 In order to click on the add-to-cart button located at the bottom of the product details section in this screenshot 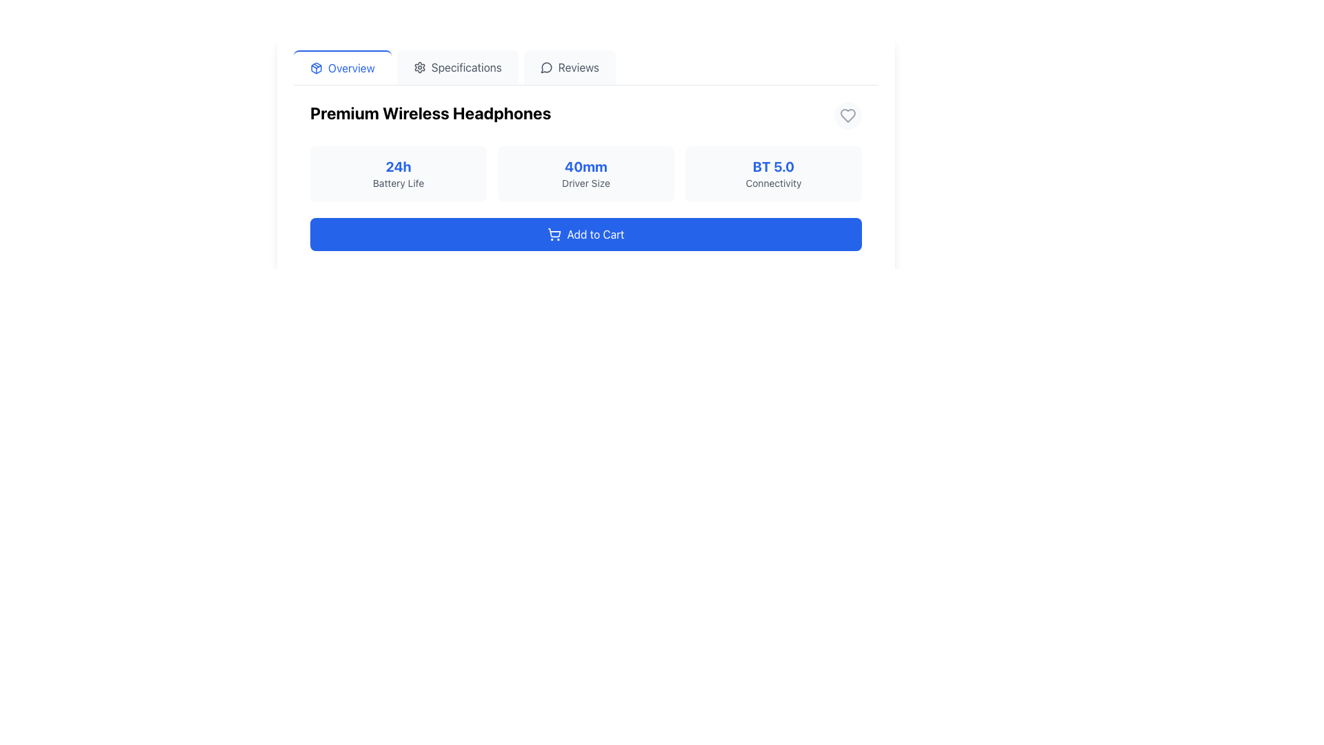, I will do `click(585, 233)`.